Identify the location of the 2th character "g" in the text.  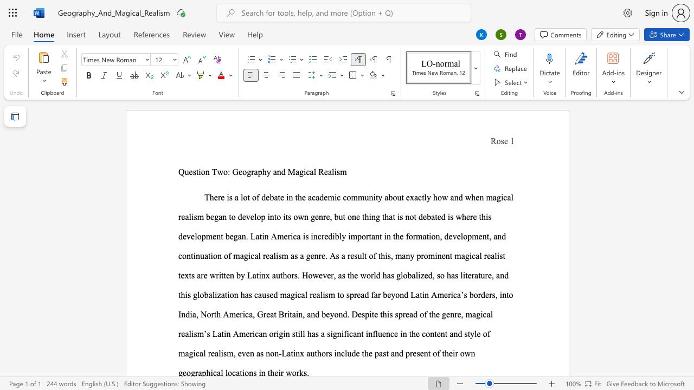
(301, 171).